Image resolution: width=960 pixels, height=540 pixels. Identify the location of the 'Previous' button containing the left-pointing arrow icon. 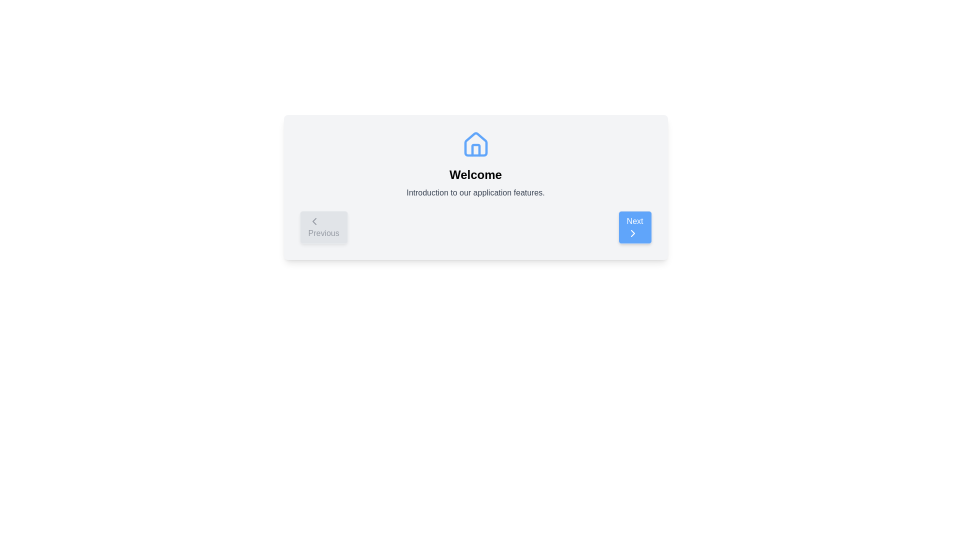
(313, 221).